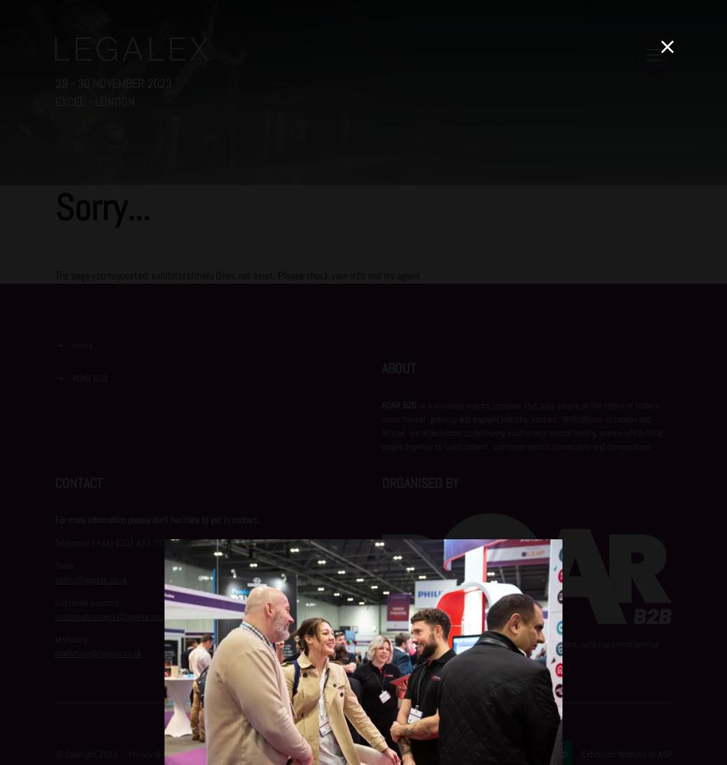 Image resolution: width=727 pixels, height=765 pixels. I want to click on 'Cookie Policy', so click(213, 753).